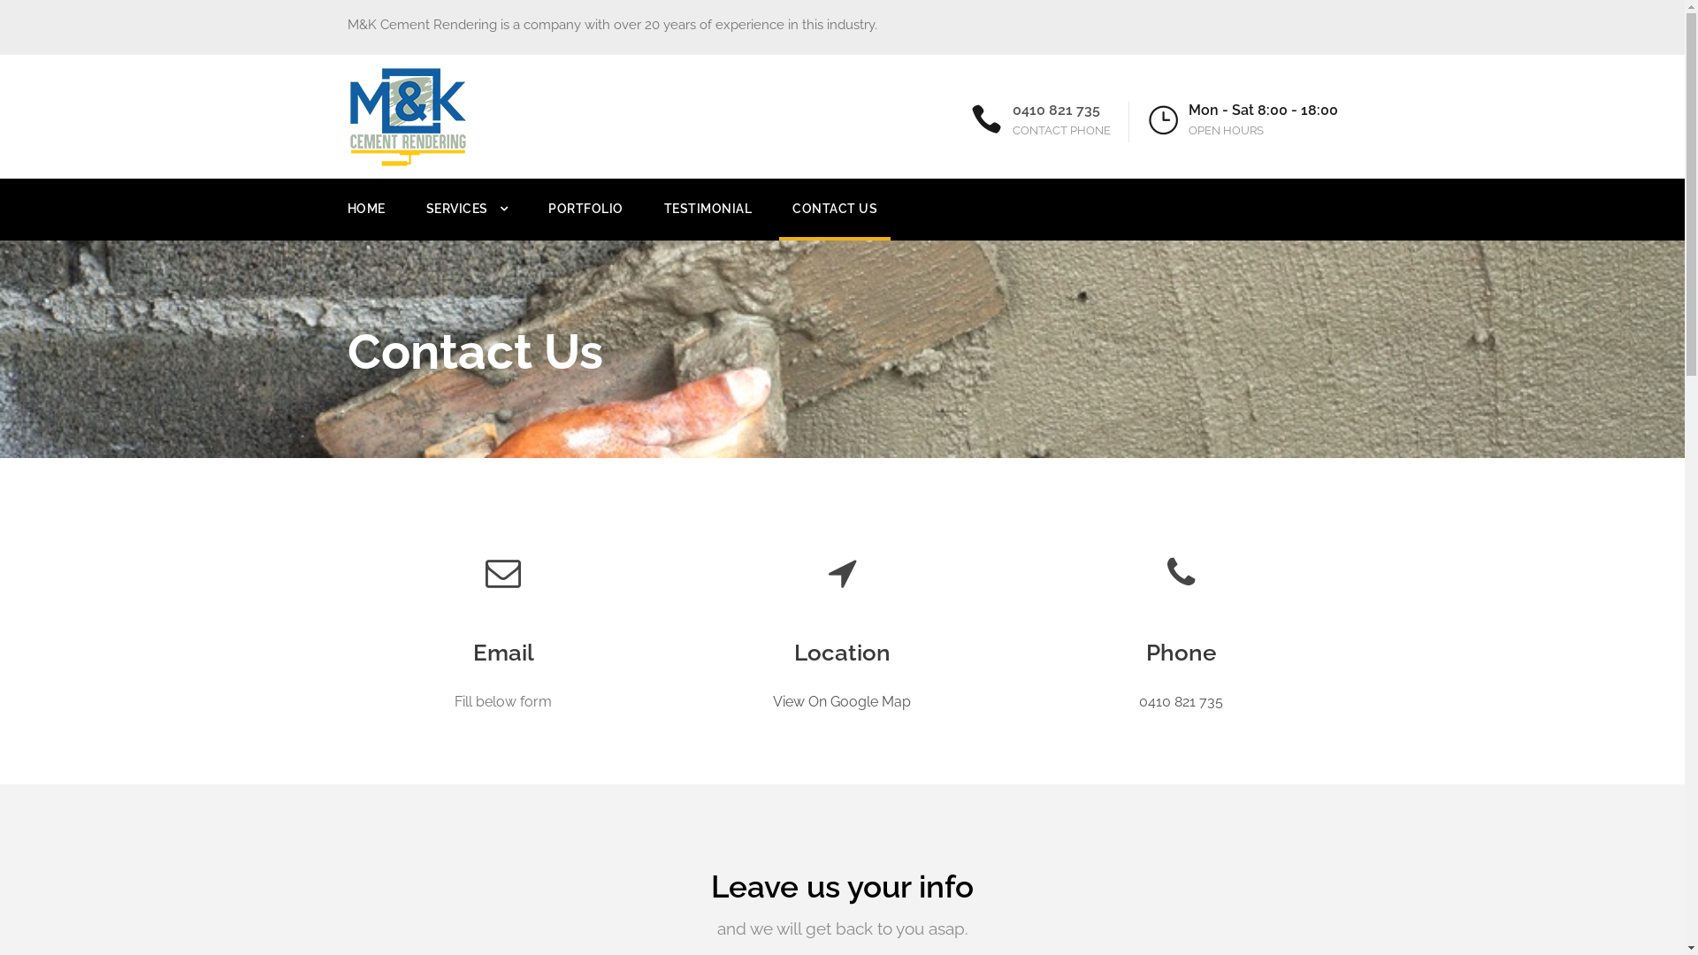 Image resolution: width=1698 pixels, height=955 pixels. I want to click on 'CONTACT US', so click(792, 218).